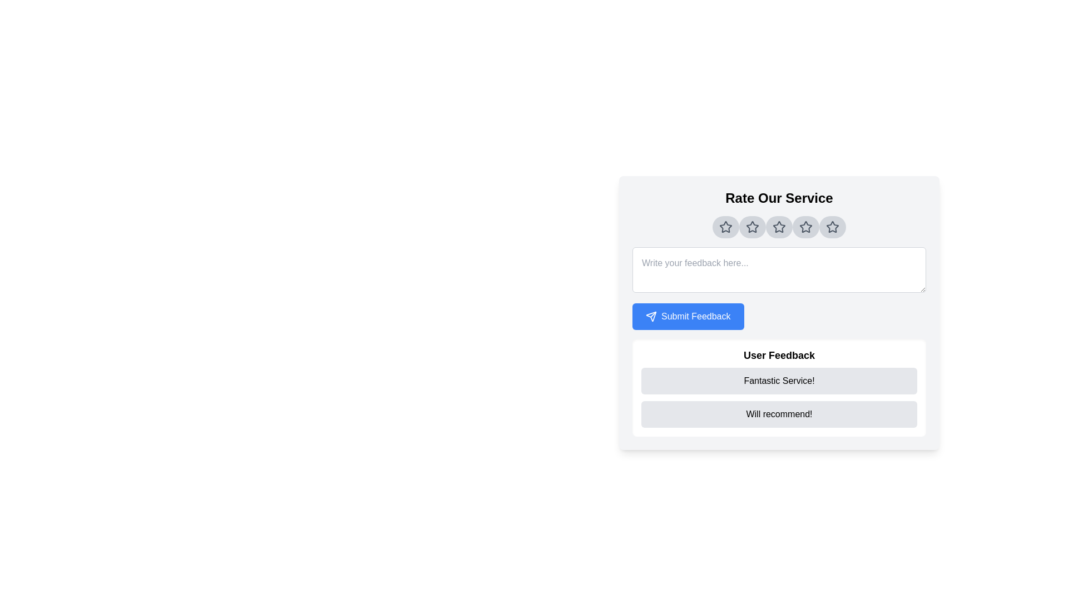  Describe the element at coordinates (651, 317) in the screenshot. I see `the 'Submit Feedback' button that contains the triangular paper airplane SVG icon to observe any interactive styling effects` at that location.